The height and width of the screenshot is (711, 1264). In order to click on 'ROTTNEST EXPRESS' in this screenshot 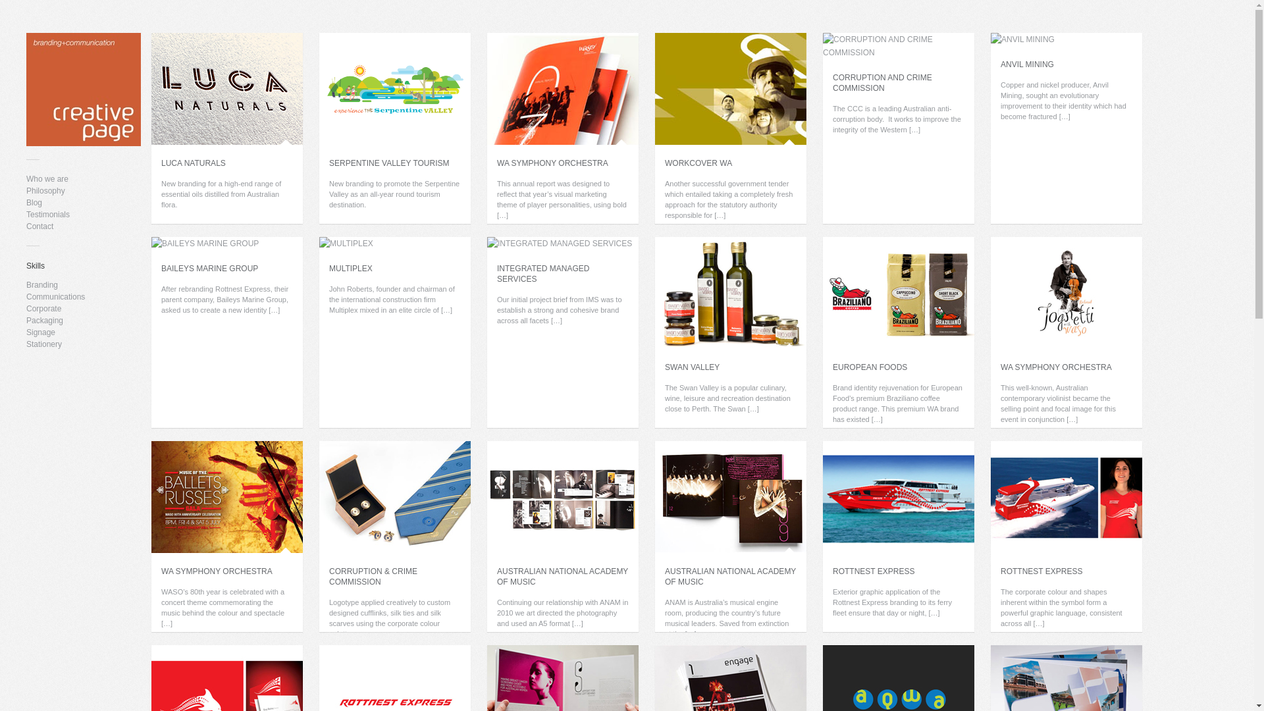, I will do `click(897, 497)`.